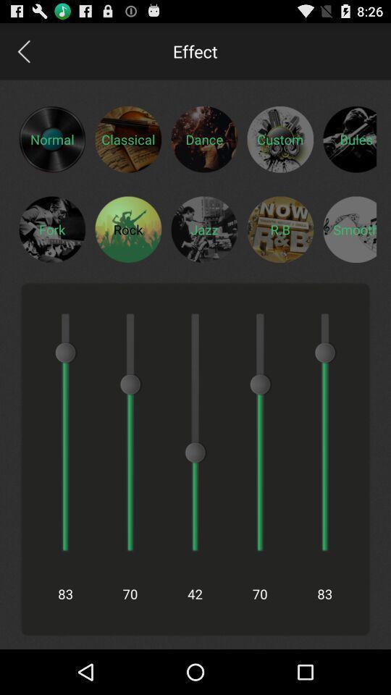 This screenshot has width=391, height=695. Describe the element at coordinates (349, 229) in the screenshot. I see `playlist` at that location.